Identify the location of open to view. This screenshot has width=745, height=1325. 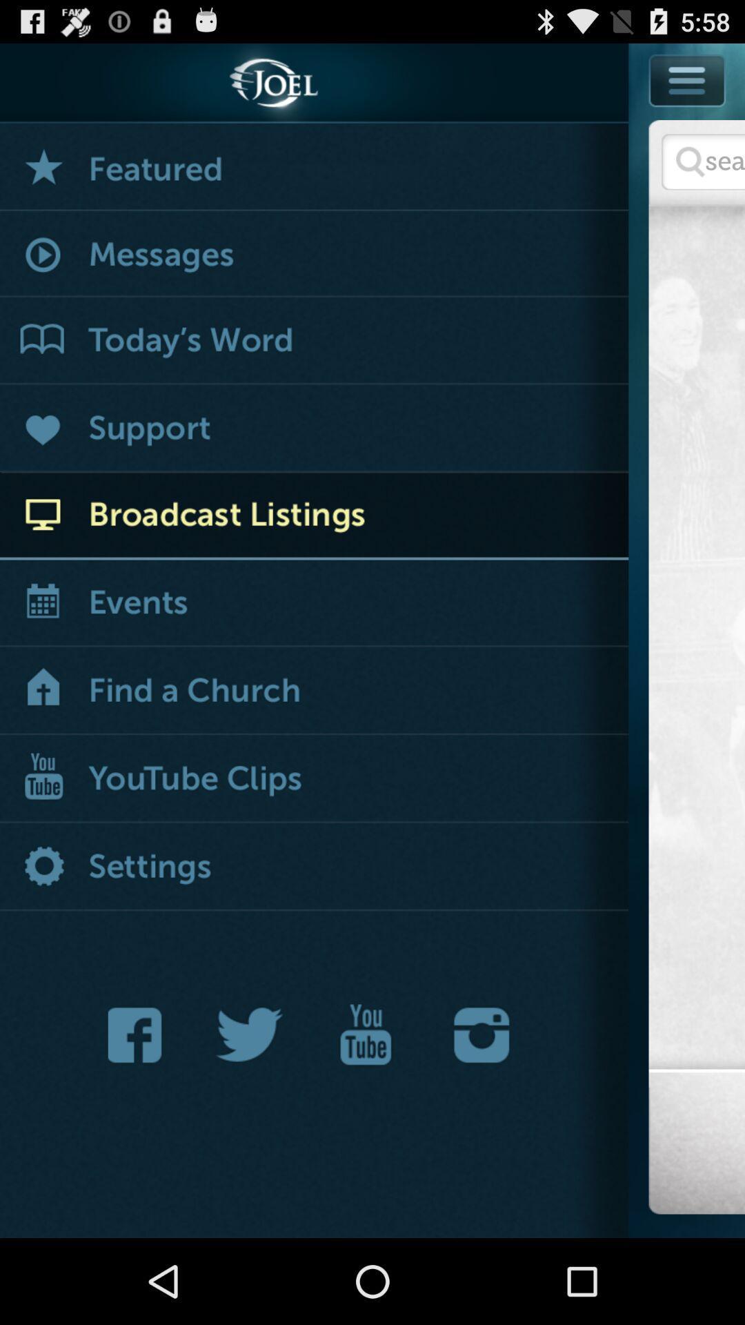
(314, 515).